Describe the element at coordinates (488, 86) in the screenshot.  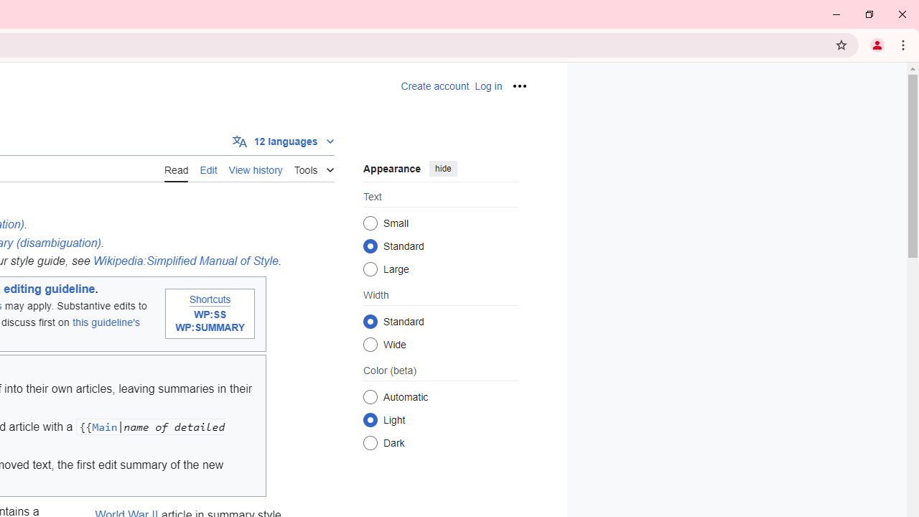
I see `'AutomationID: pt-login-2'` at that location.